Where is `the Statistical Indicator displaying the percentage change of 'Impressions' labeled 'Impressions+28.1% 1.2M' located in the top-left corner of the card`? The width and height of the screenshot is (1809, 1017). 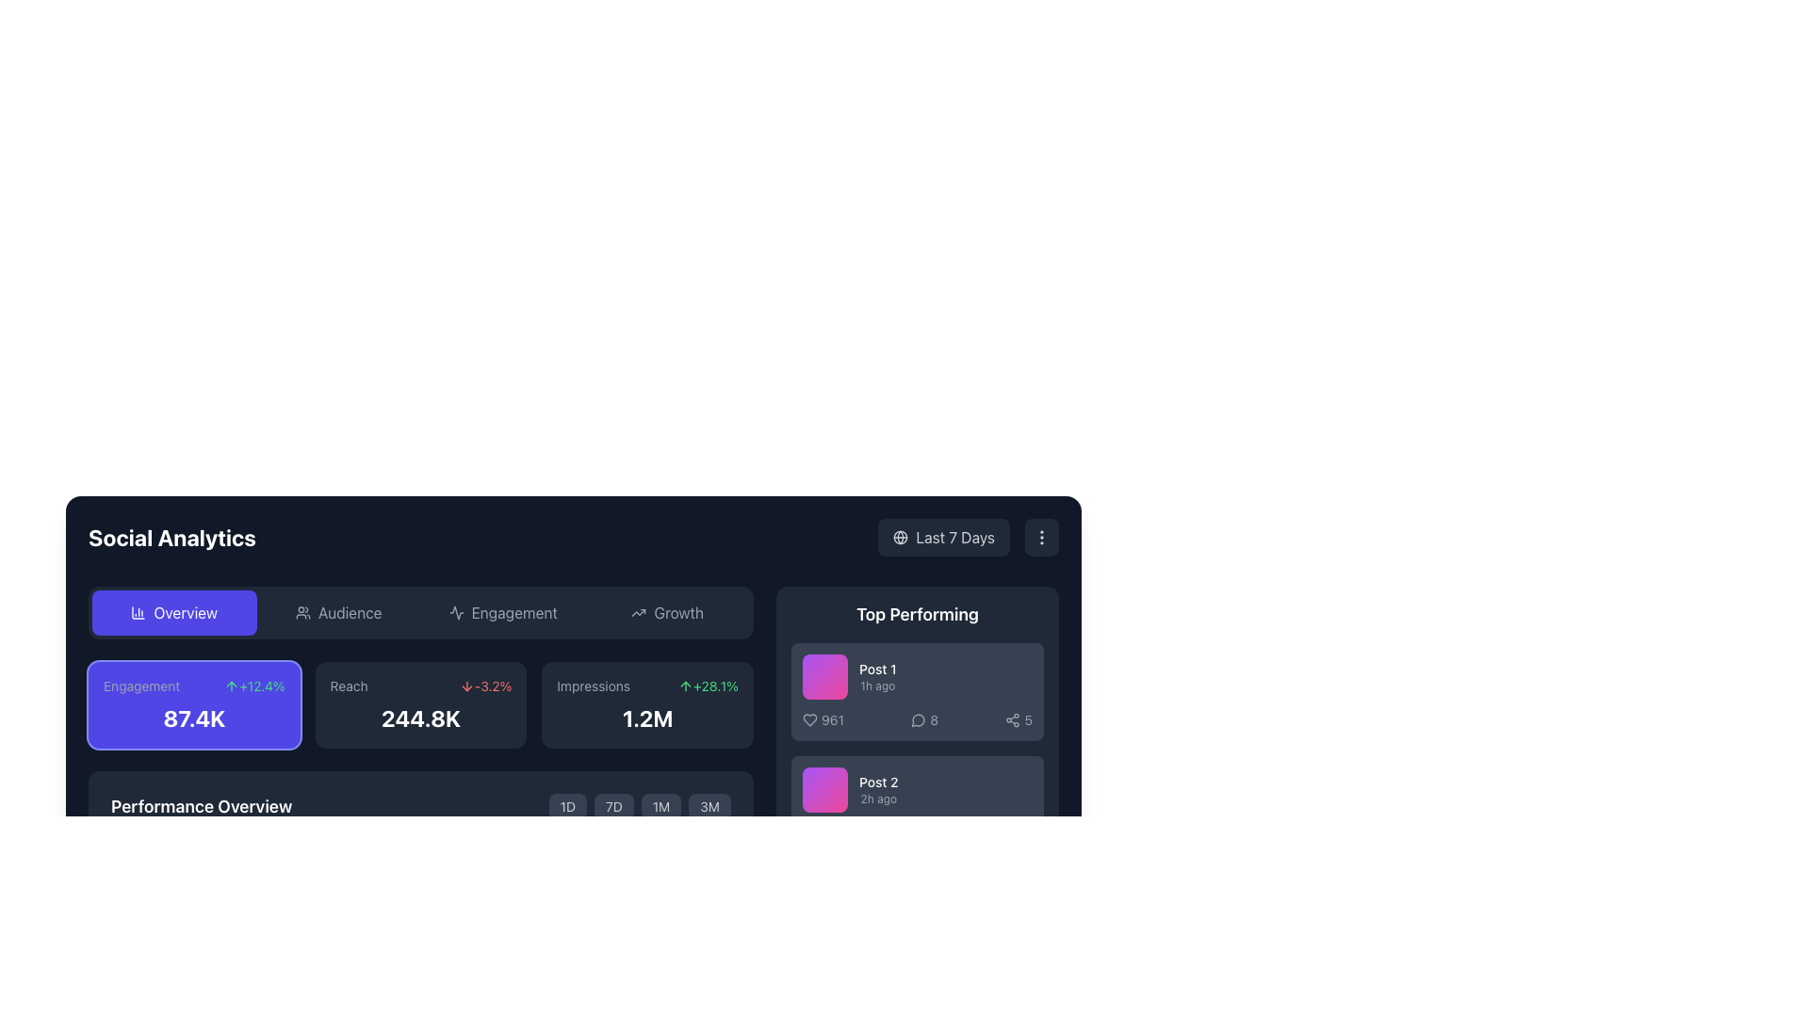 the Statistical Indicator displaying the percentage change of 'Impressions' labeled 'Impressions+28.1% 1.2M' located in the top-left corner of the card is located at coordinates (647, 686).